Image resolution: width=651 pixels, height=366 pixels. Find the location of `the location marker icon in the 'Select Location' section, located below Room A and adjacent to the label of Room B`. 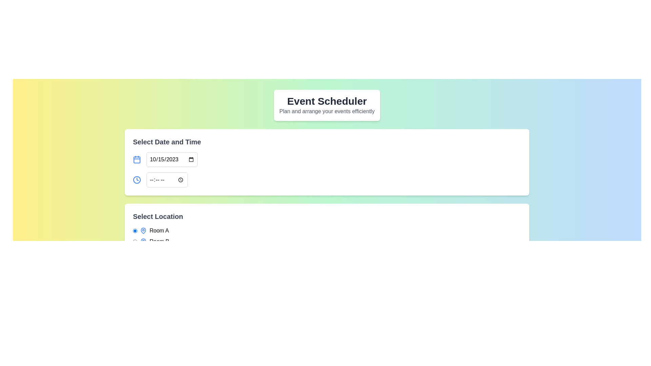

the location marker icon in the 'Select Location' section, located below Room A and adjacent to the label of Room B is located at coordinates (143, 241).